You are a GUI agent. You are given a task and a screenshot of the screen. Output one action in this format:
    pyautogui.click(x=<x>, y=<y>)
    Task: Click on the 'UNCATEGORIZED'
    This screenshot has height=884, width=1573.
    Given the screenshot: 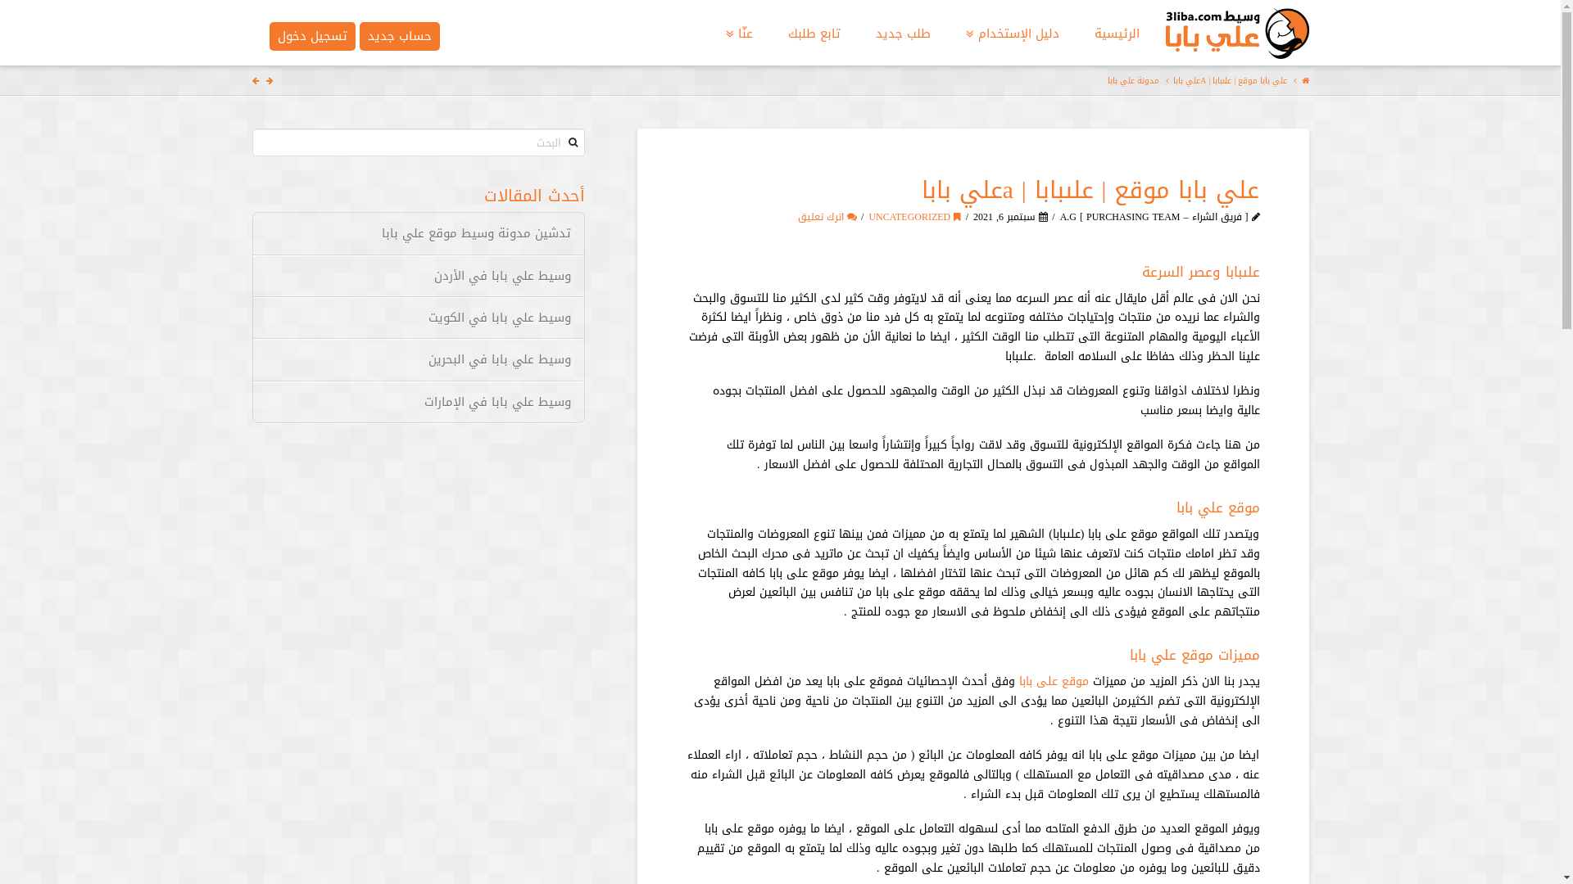 What is the action you would take?
    pyautogui.click(x=913, y=216)
    